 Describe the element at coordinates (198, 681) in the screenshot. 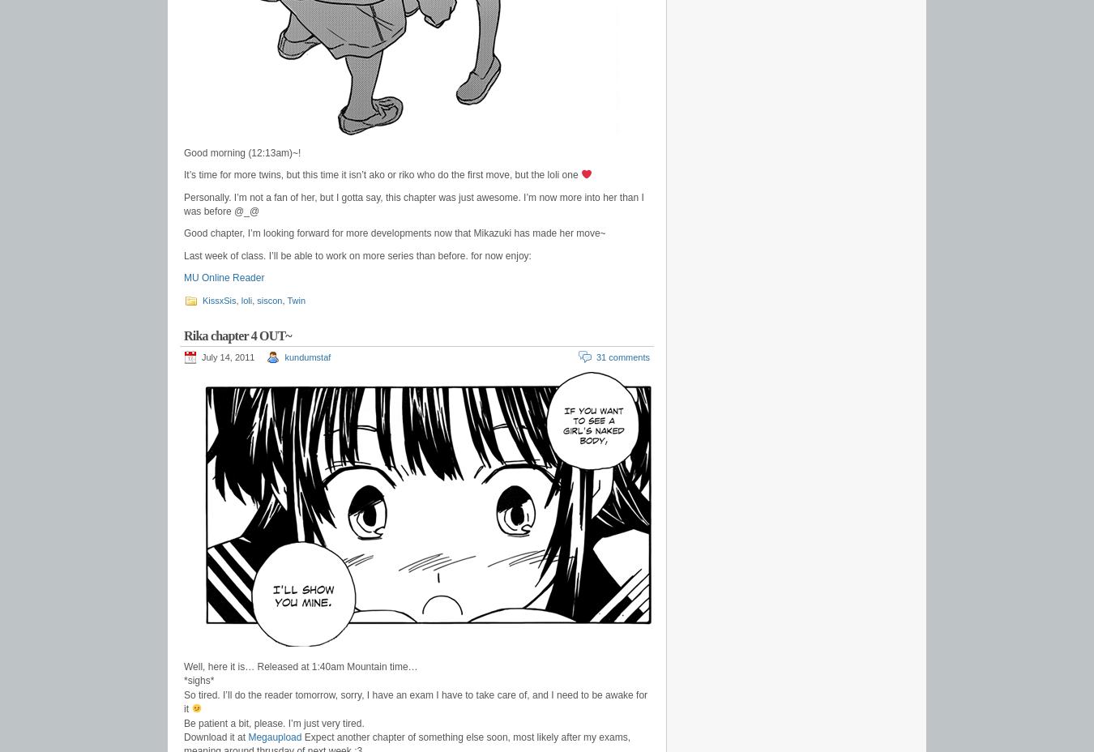

I see `'*sighs*'` at that location.